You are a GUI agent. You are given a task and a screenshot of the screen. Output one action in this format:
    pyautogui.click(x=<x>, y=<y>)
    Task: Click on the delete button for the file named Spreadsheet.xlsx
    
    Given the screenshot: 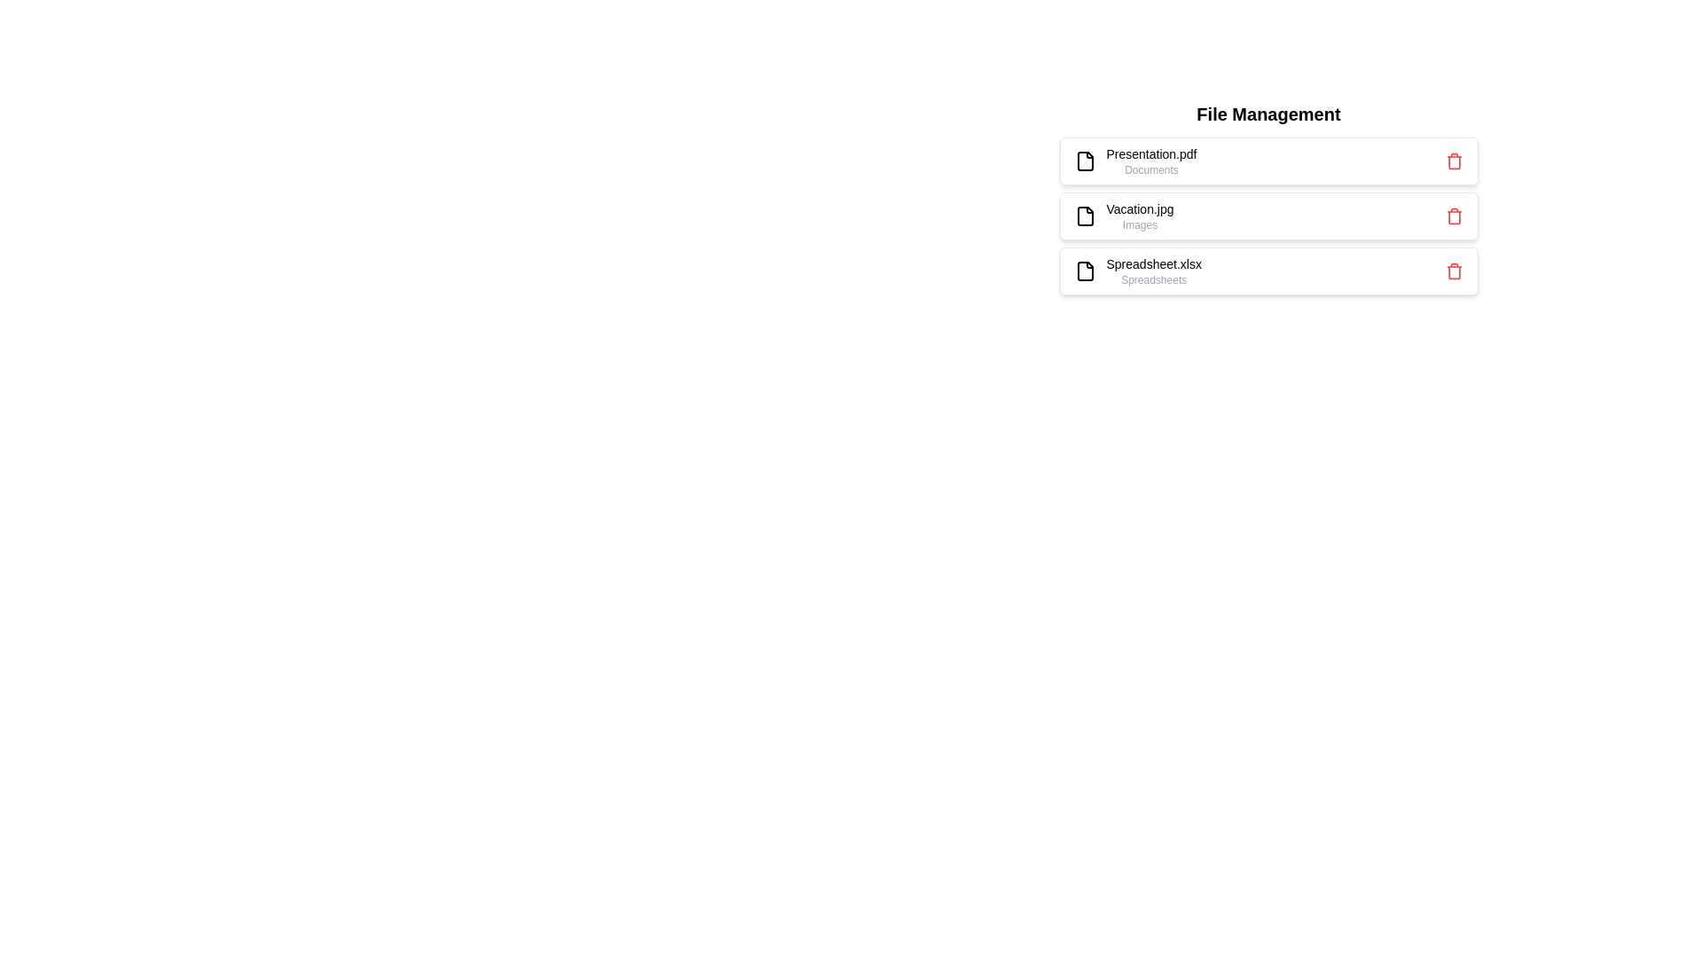 What is the action you would take?
    pyautogui.click(x=1454, y=271)
    